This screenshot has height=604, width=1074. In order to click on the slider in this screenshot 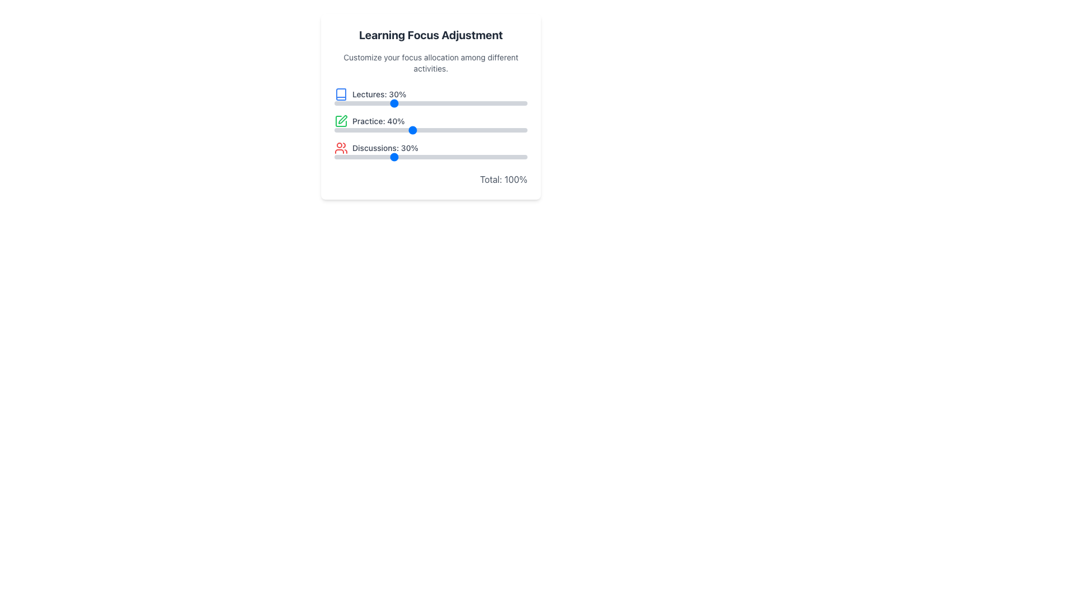, I will do `click(454, 103)`.